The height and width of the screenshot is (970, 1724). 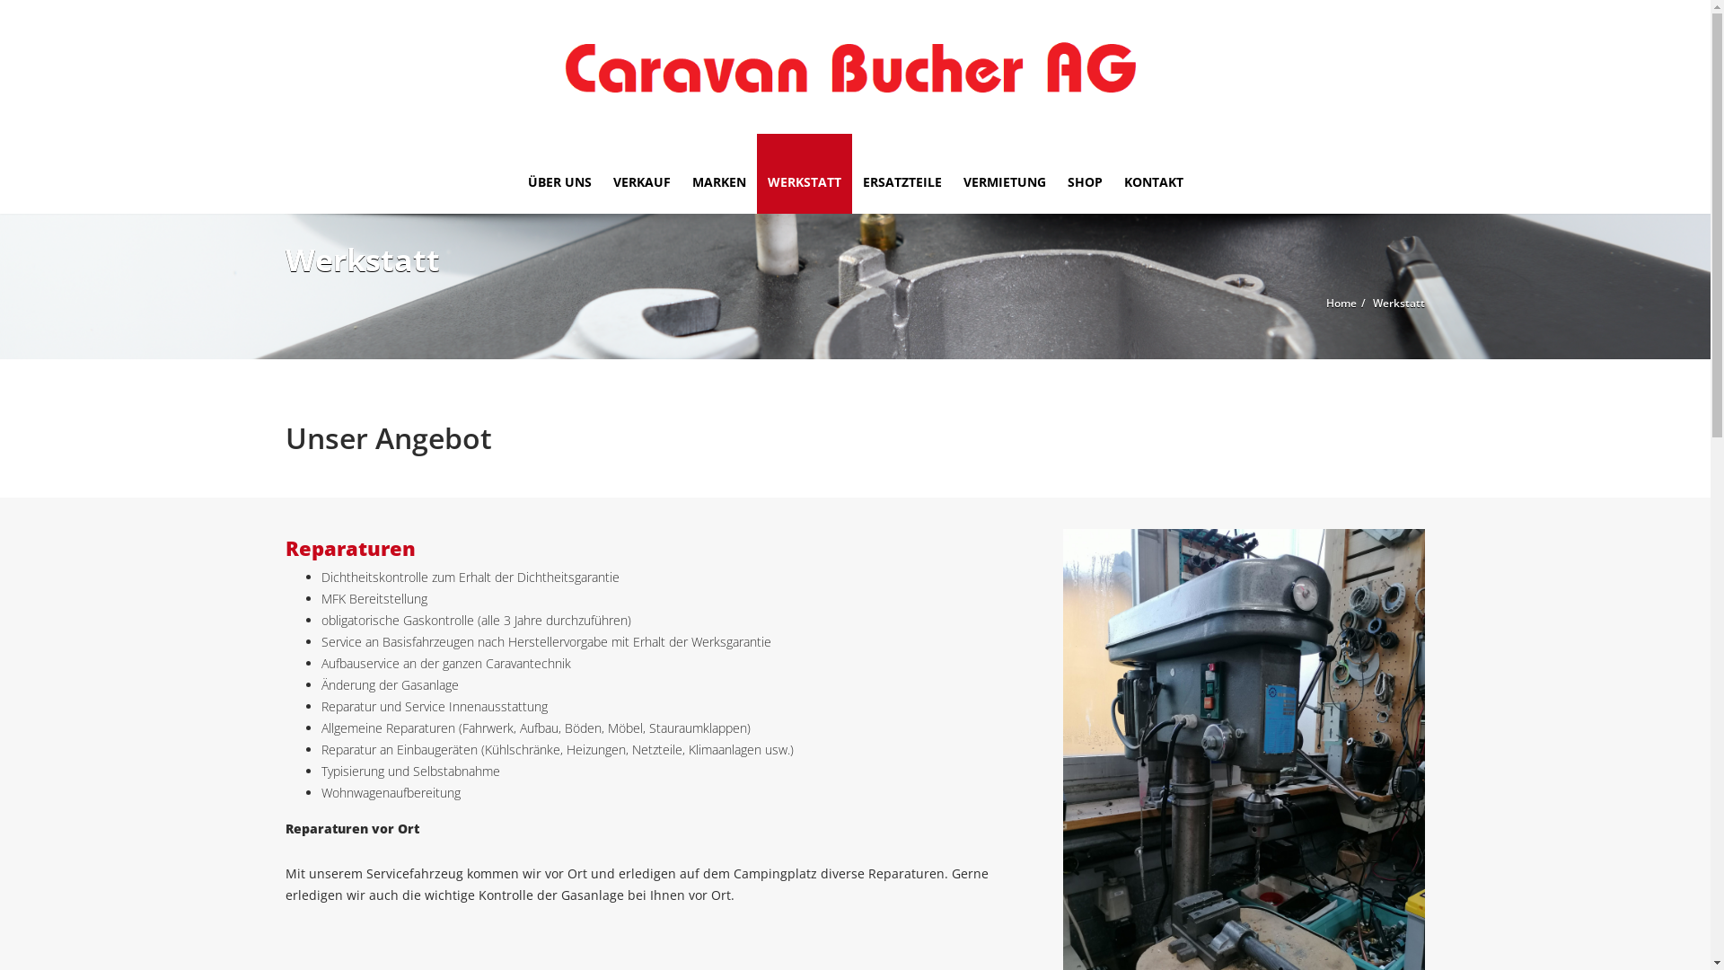 I want to click on 'KONTAKT', so click(x=1154, y=173).